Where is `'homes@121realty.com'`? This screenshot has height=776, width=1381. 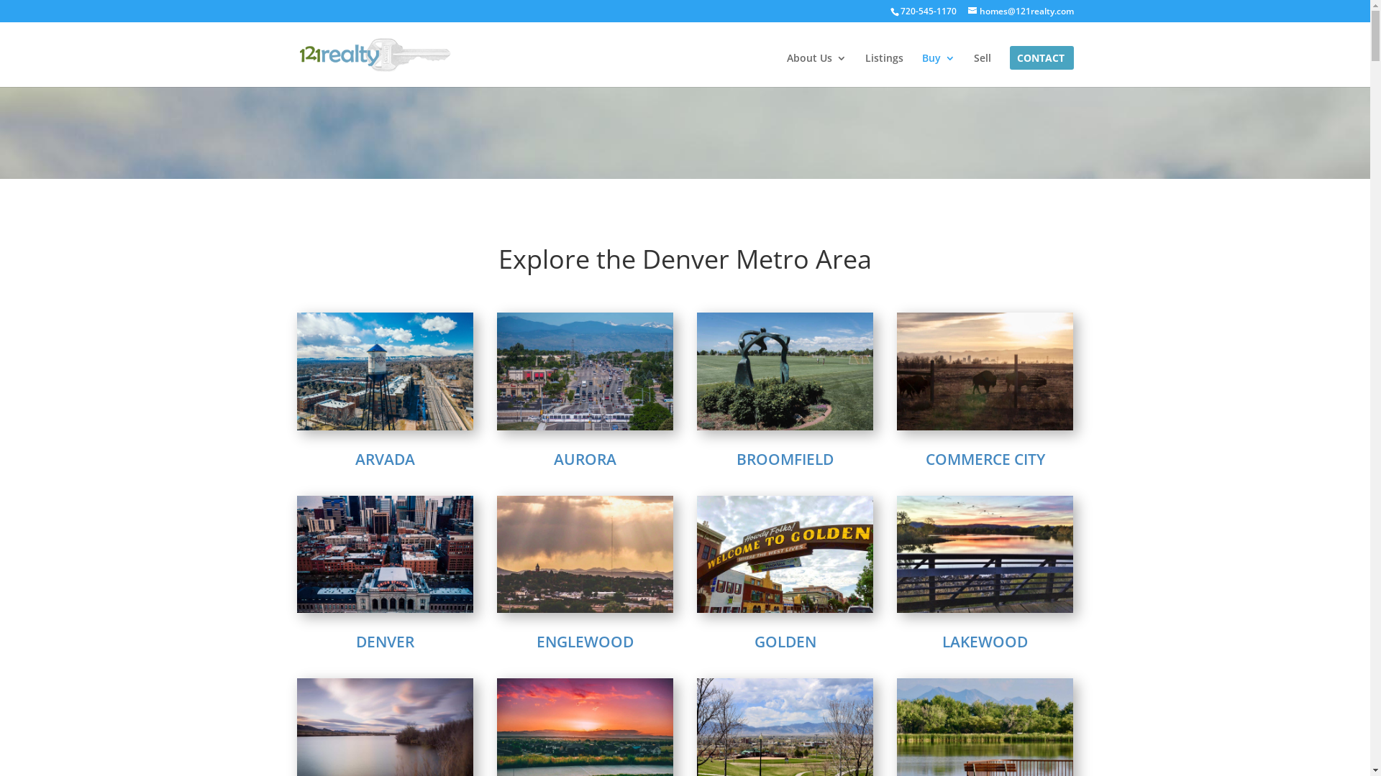
'homes@121realty.com' is located at coordinates (1020, 11).